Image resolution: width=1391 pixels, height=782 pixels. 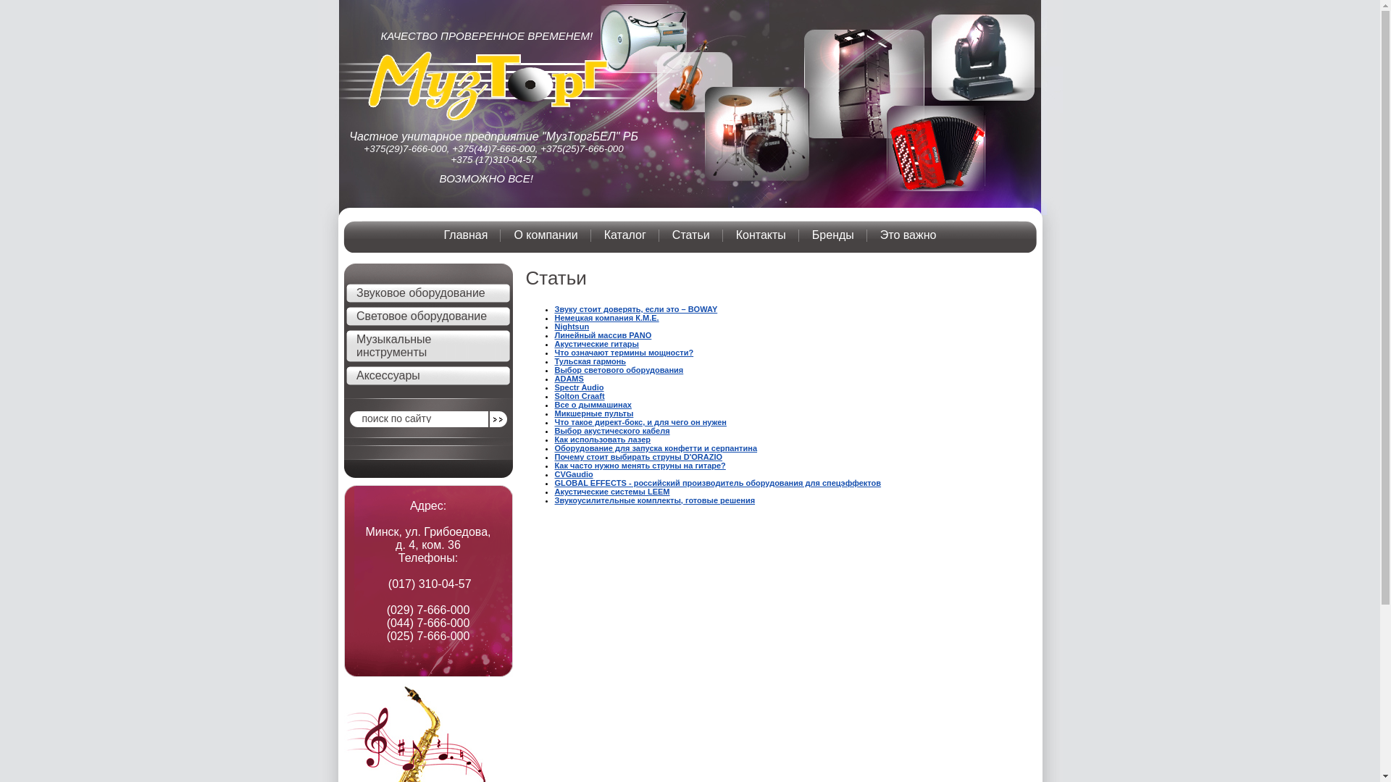 I want to click on 'Nightsun', so click(x=572, y=327).